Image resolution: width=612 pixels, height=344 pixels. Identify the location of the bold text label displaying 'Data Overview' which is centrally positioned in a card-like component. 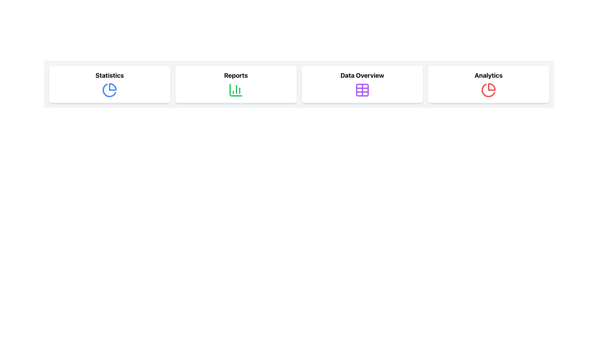
(362, 75).